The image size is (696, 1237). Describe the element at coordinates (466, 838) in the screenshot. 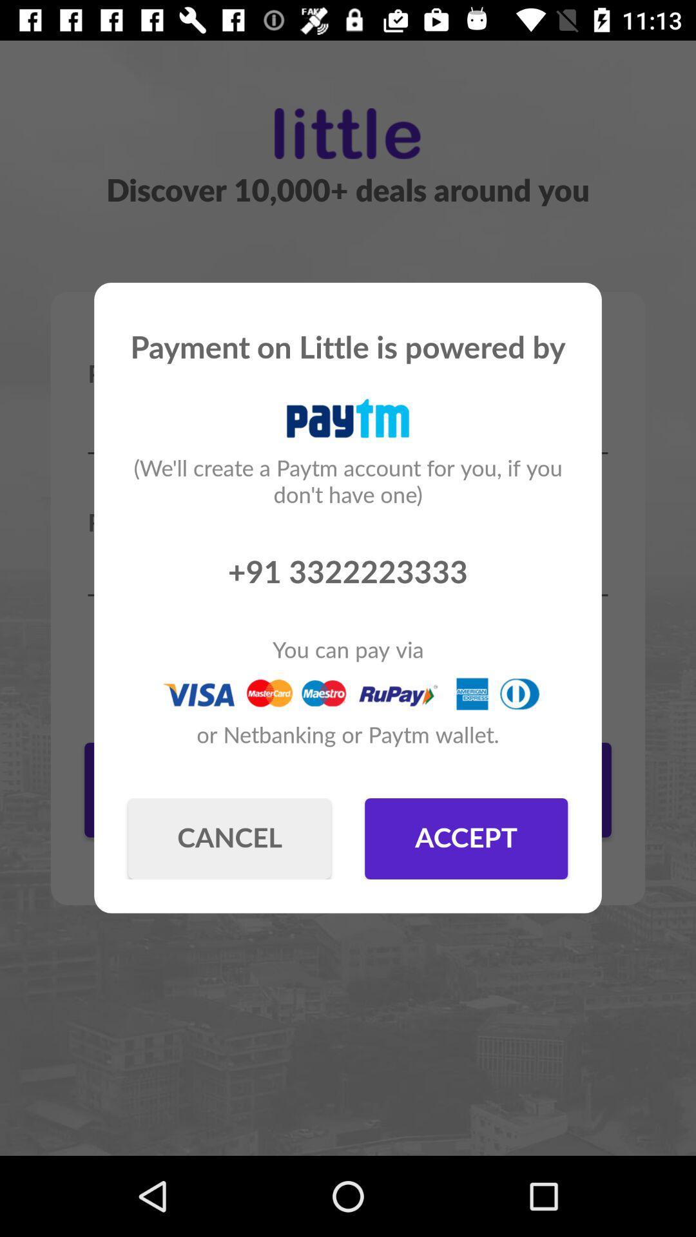

I see `the accept item` at that location.